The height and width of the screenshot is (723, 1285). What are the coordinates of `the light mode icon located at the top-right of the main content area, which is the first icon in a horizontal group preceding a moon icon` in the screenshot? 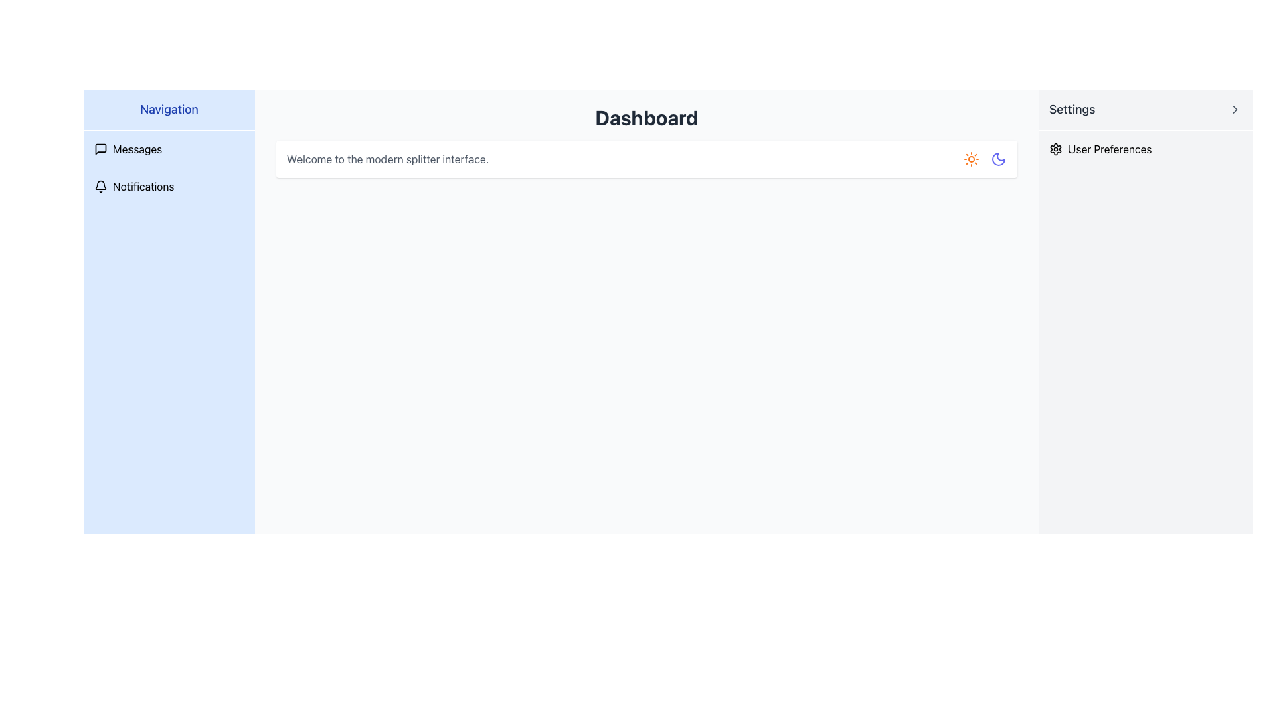 It's located at (971, 159).